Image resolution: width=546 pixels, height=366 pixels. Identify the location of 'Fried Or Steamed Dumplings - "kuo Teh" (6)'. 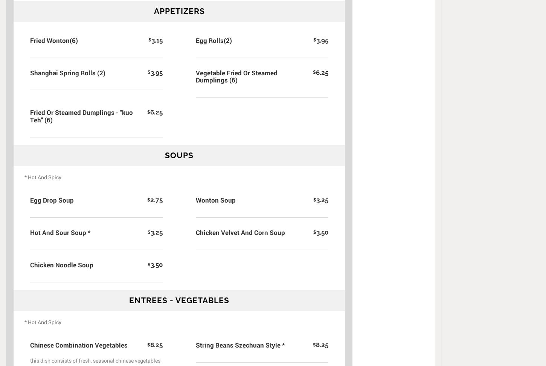
(81, 116).